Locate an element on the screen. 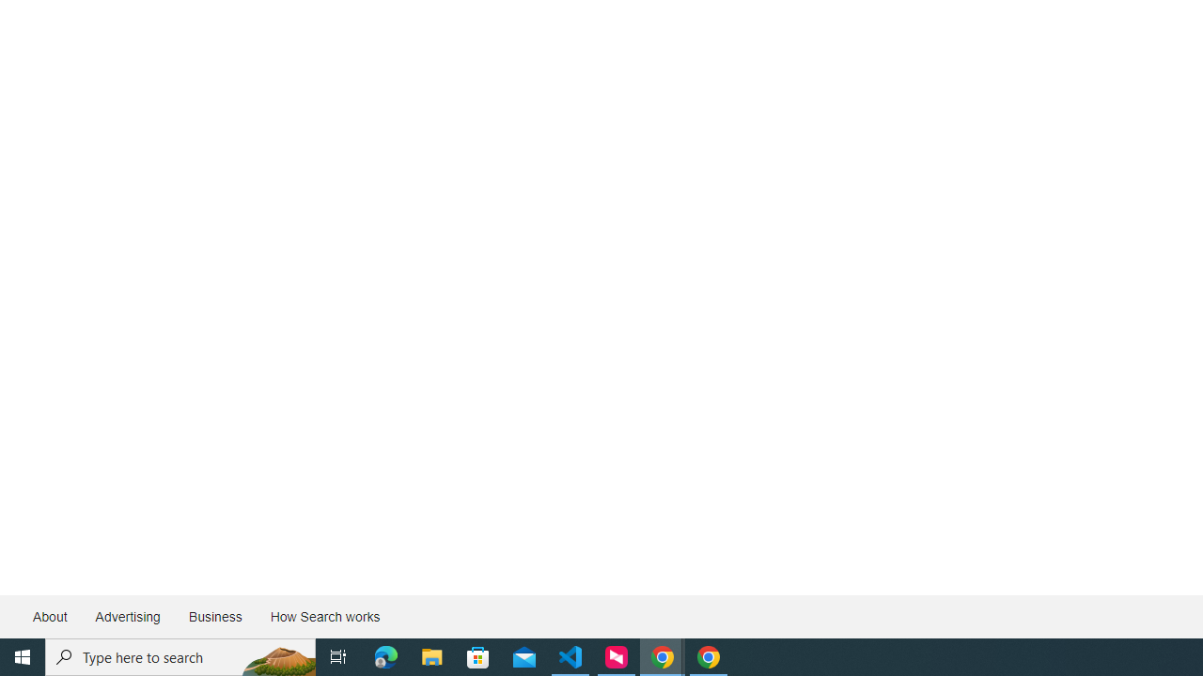 The width and height of the screenshot is (1203, 676). 'About' is located at coordinates (50, 617).